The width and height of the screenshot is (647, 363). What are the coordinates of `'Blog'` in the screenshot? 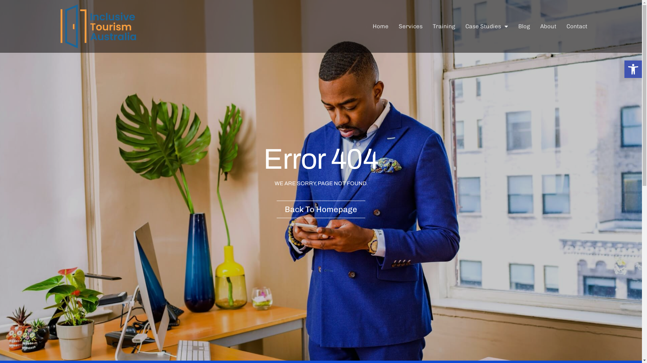 It's located at (524, 26).